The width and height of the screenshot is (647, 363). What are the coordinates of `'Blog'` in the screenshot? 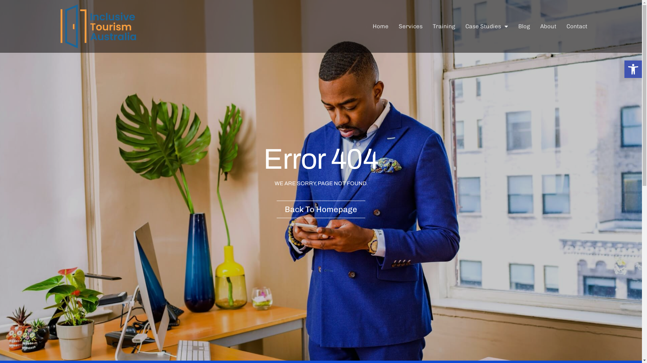 It's located at (524, 26).